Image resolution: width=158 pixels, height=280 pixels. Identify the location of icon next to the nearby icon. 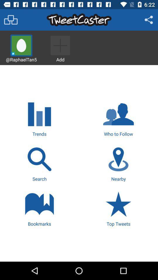
(39, 163).